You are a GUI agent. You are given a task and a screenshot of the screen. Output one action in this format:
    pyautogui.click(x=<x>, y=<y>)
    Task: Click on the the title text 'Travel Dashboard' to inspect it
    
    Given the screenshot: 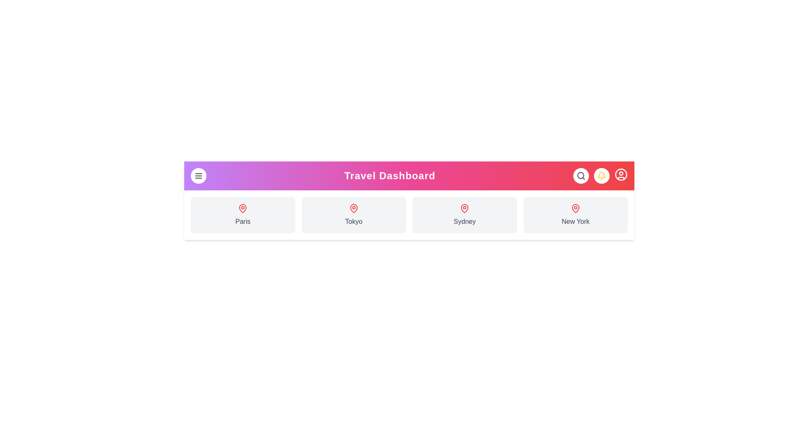 What is the action you would take?
    pyautogui.click(x=389, y=175)
    